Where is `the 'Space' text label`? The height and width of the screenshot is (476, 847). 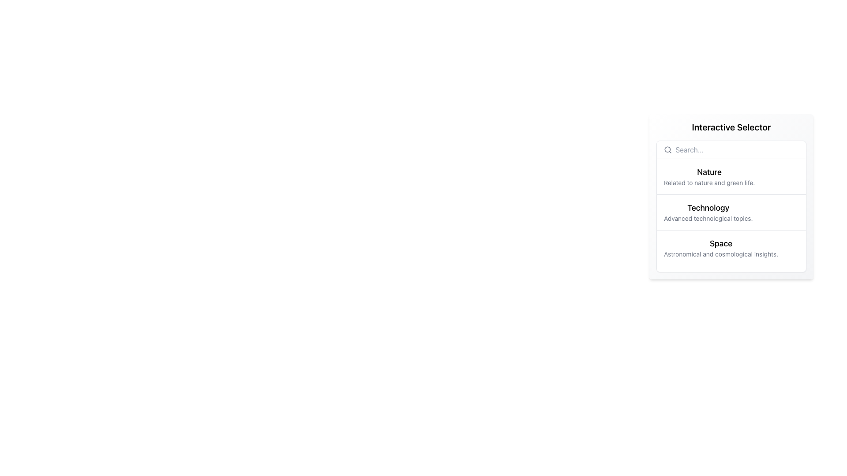 the 'Space' text label is located at coordinates (720, 243).